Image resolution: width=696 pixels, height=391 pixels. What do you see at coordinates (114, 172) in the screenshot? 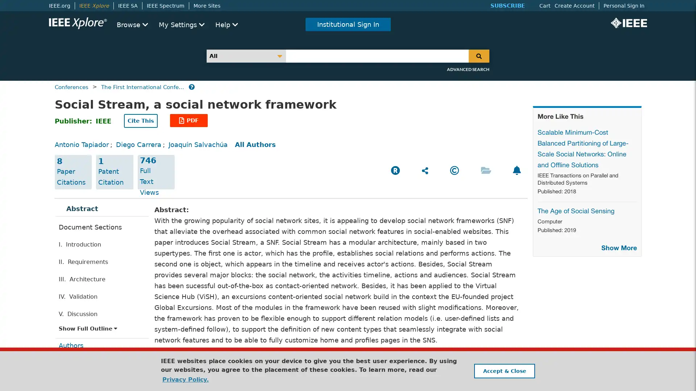
I see `1 Patent Citation` at bounding box center [114, 172].